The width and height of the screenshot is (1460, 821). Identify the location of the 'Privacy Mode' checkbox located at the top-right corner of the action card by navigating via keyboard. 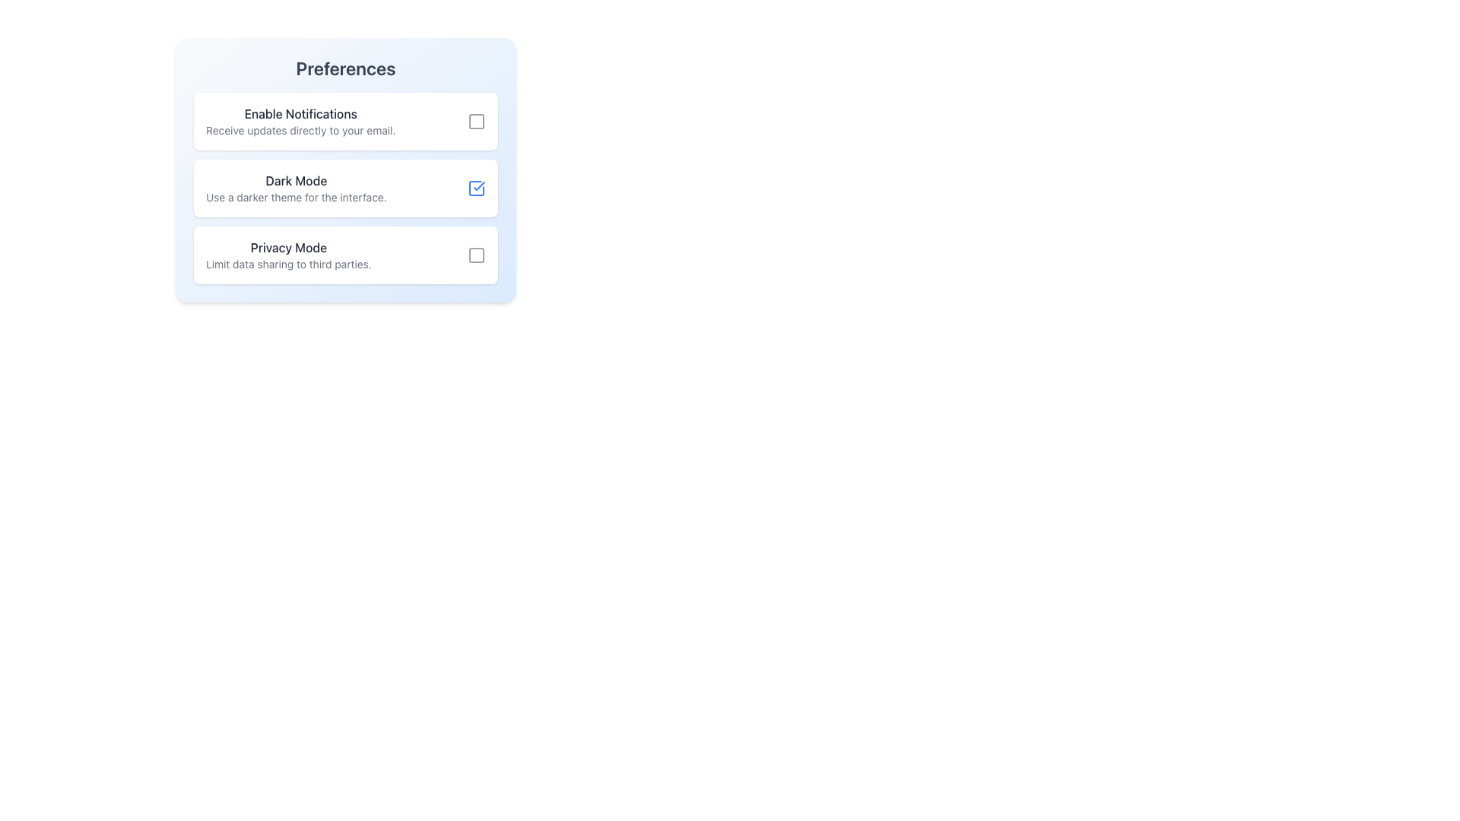
(476, 254).